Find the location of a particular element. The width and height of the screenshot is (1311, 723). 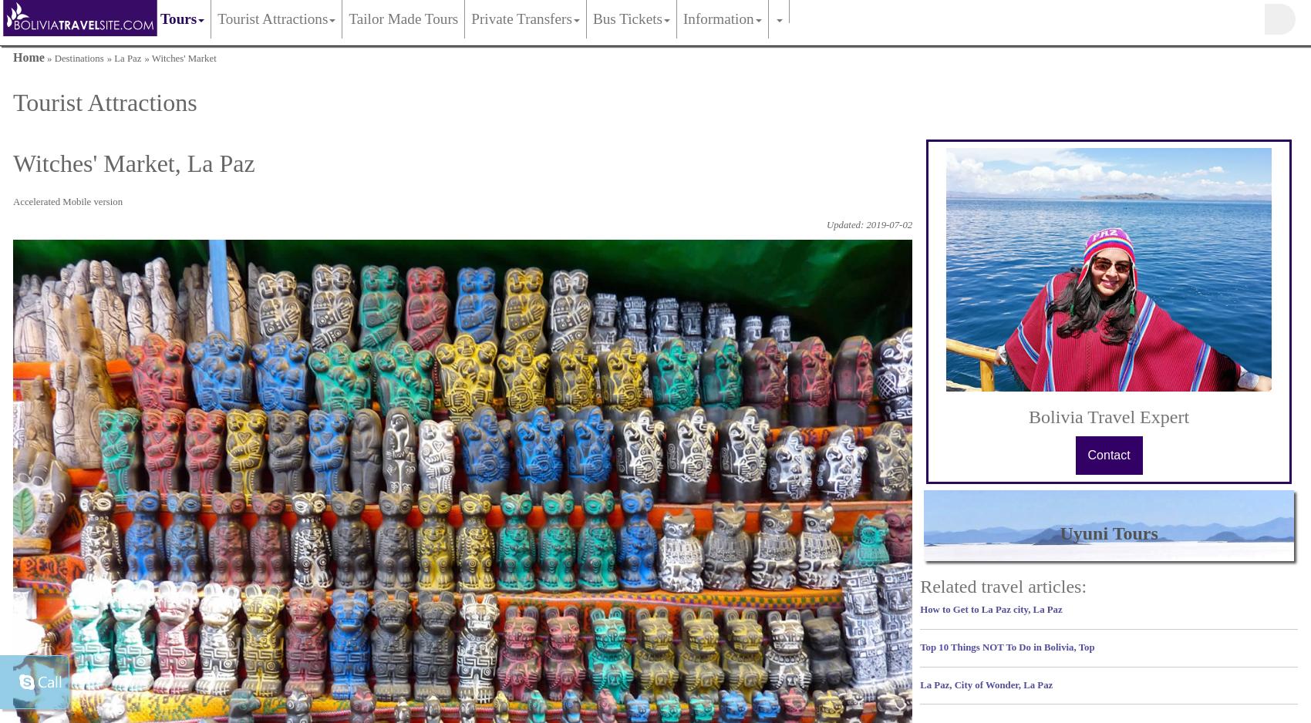

'La Paz' is located at coordinates (126, 58).